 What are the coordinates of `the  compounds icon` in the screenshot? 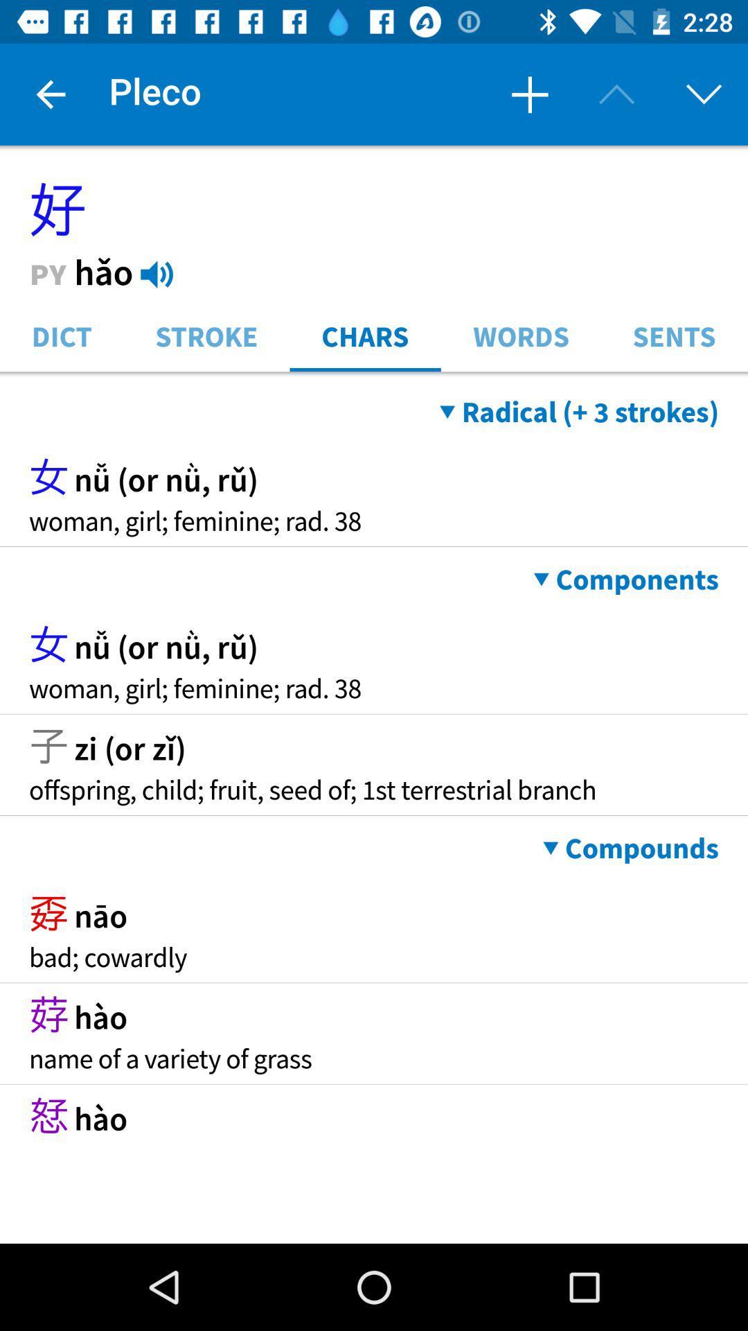 It's located at (630, 848).